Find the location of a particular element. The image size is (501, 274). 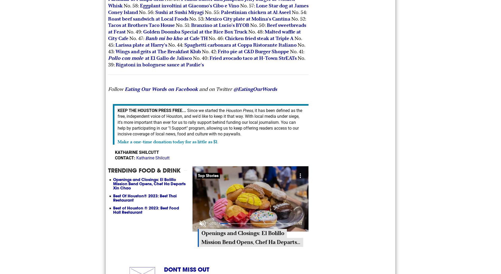

'Spaghetti carbonara at Coppa Ristorante Italiano' is located at coordinates (184, 45).